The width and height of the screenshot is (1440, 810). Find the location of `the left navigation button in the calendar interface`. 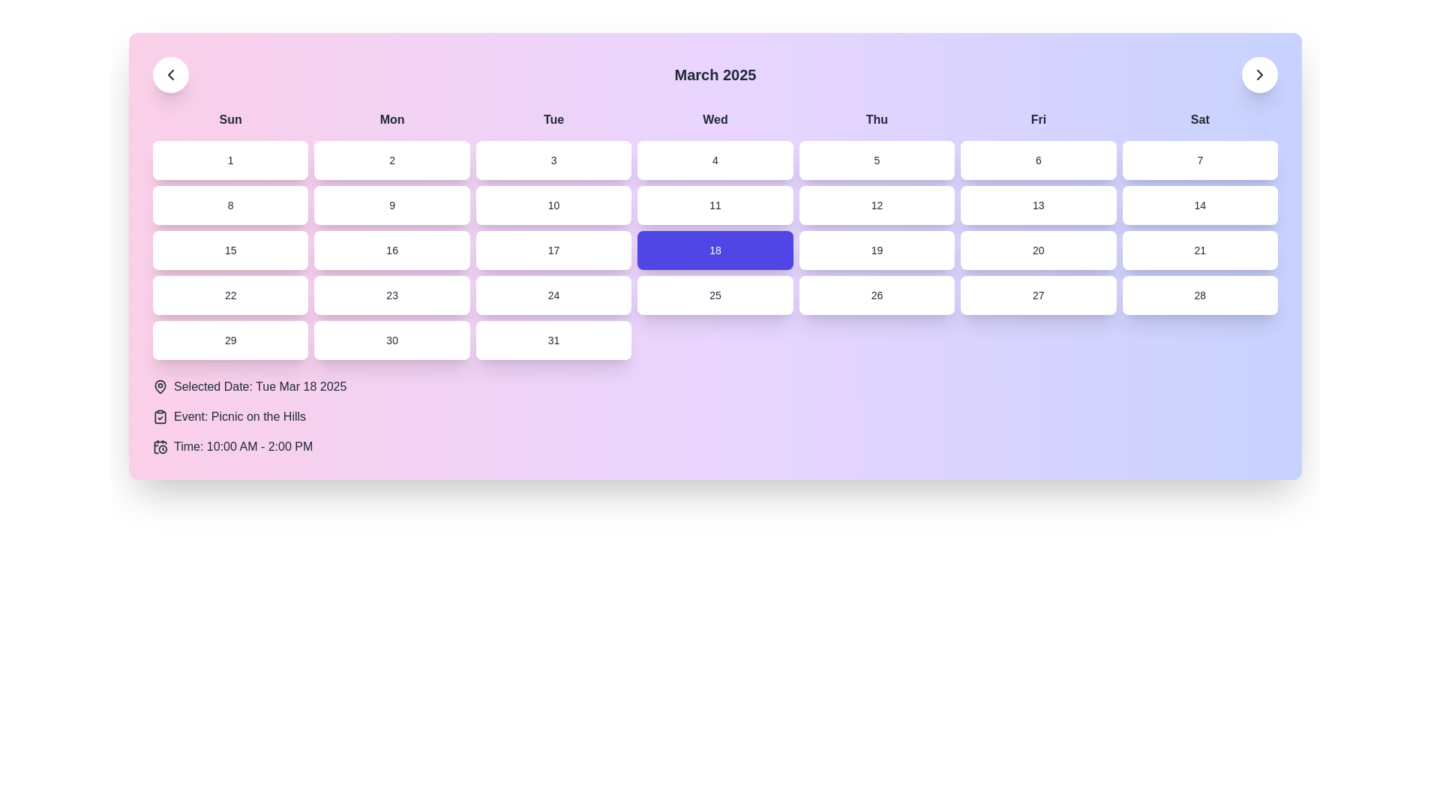

the left navigation button in the calendar interface is located at coordinates (170, 75).